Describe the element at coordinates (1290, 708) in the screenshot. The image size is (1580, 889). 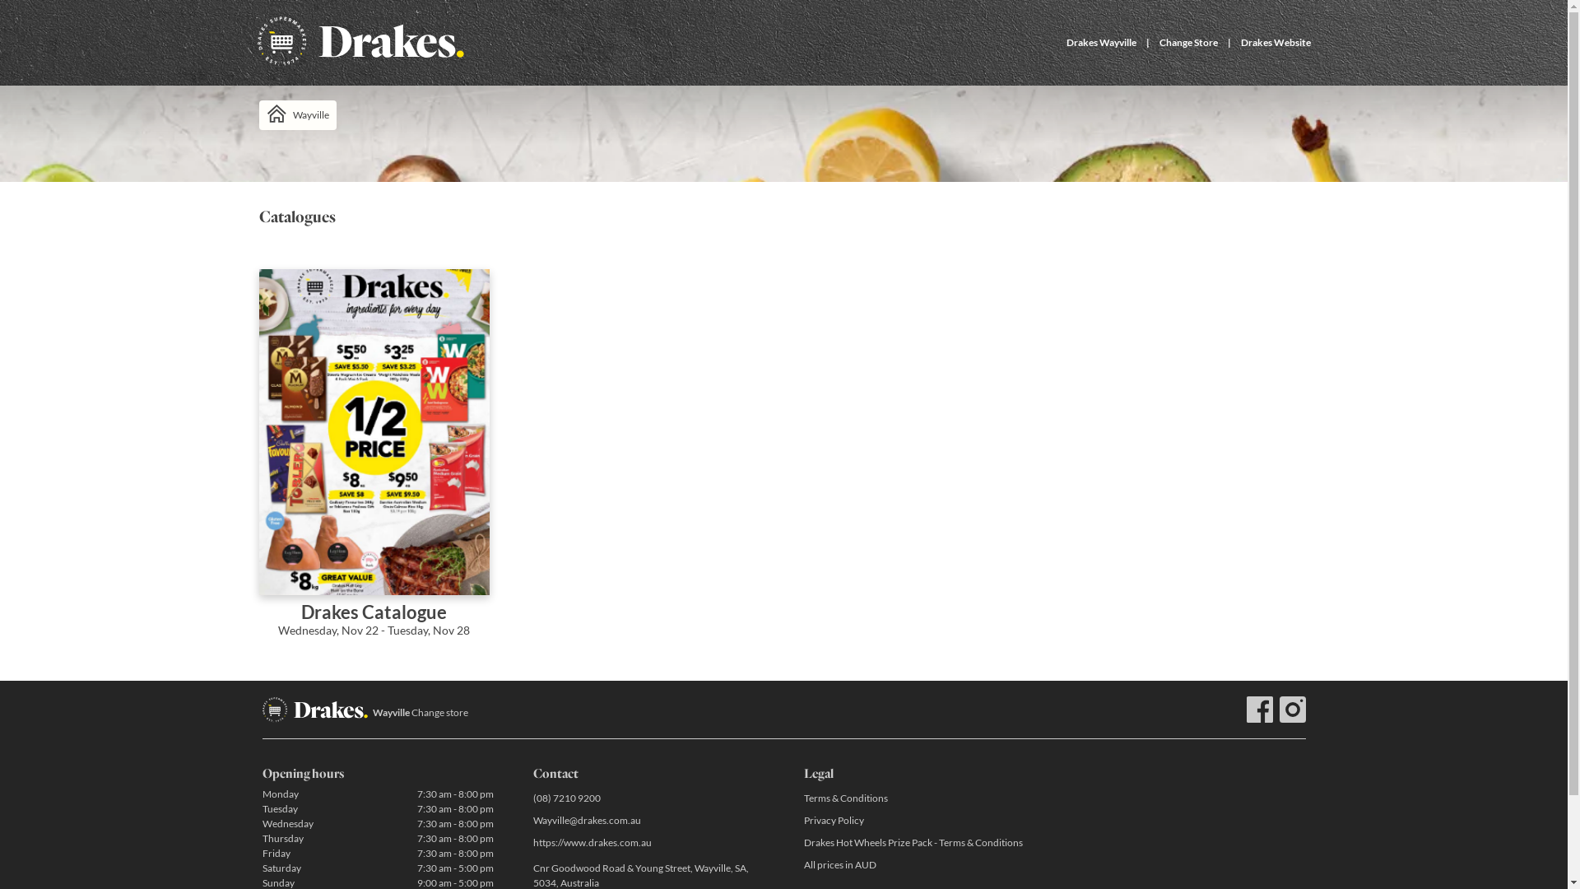
I see `'Instagram drakessupermarkets'` at that location.